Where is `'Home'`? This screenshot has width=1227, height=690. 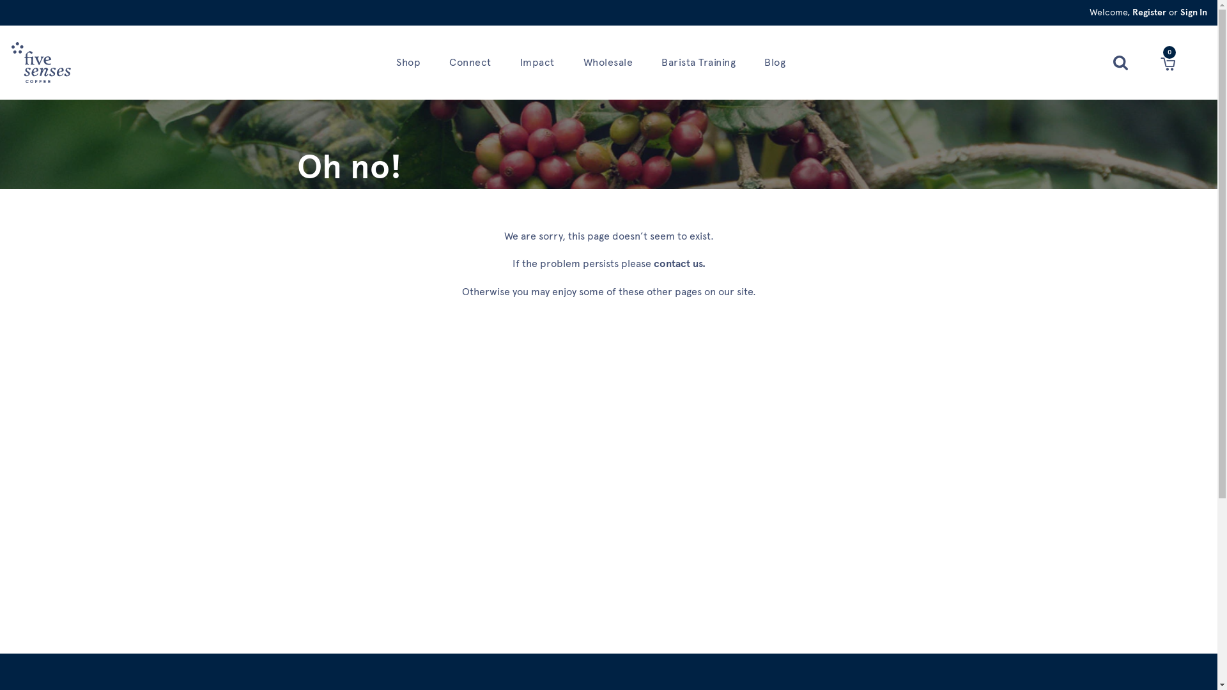 'Home' is located at coordinates (41, 62).